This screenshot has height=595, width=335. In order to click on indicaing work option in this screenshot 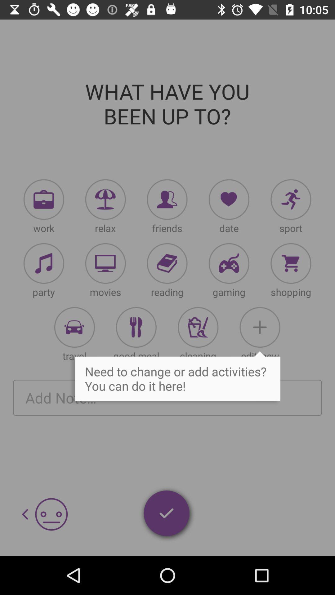, I will do `click(43, 199)`.